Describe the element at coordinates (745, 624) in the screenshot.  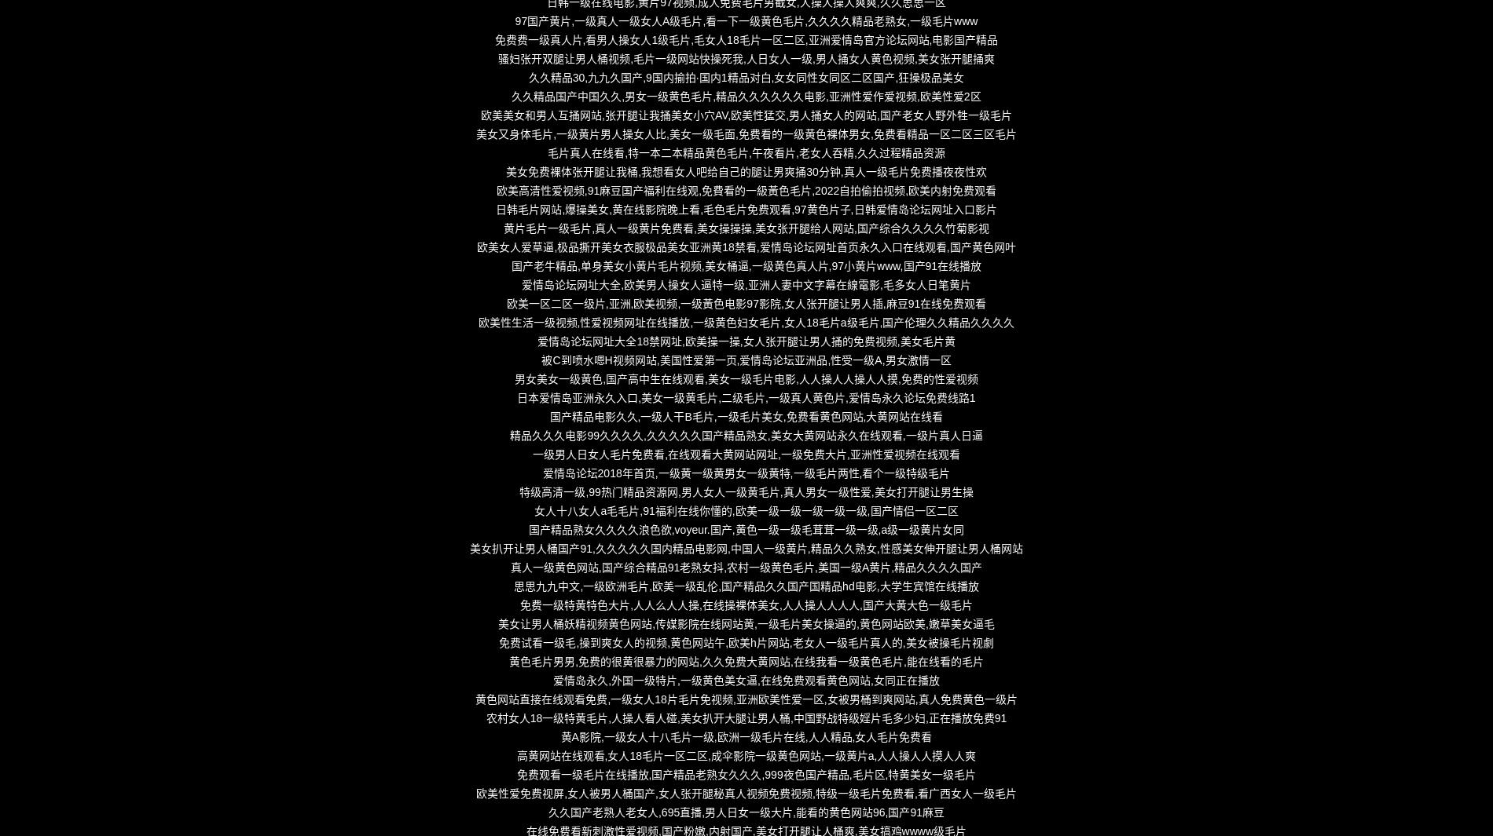
I see `'美女让男人桶妖精视频黄色网站,传媒影院在线网站黄,一级毛片美女操逼的,黄色网站欧美,嫩草美女逼毛'` at that location.